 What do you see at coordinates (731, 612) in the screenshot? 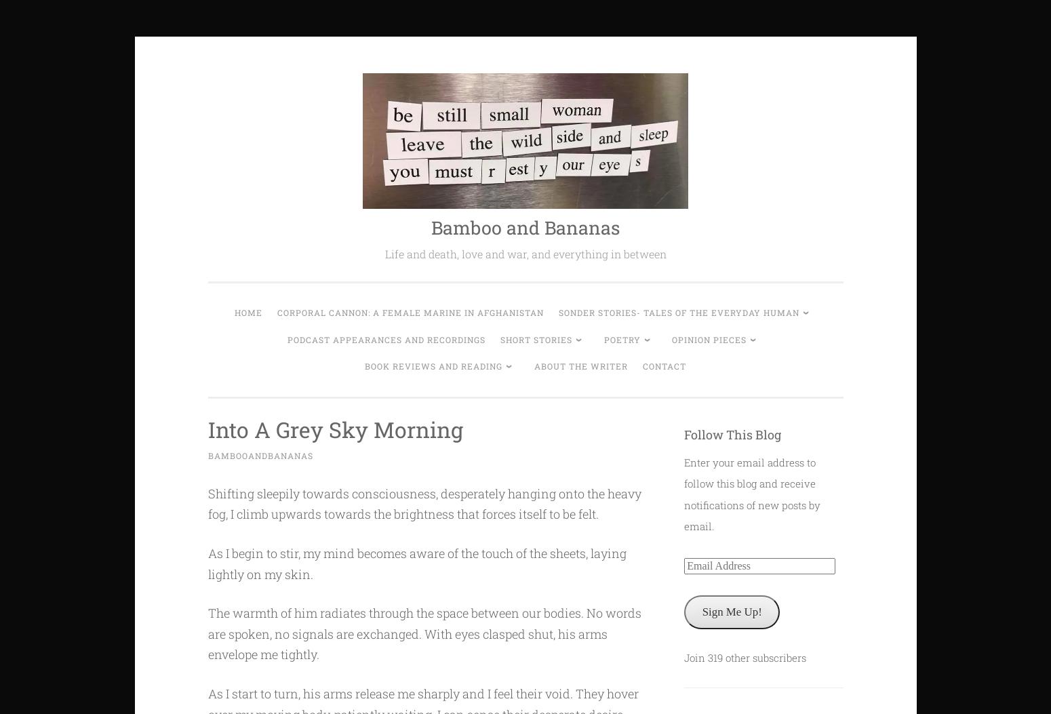
I see `'Sign Me Up!'` at bounding box center [731, 612].